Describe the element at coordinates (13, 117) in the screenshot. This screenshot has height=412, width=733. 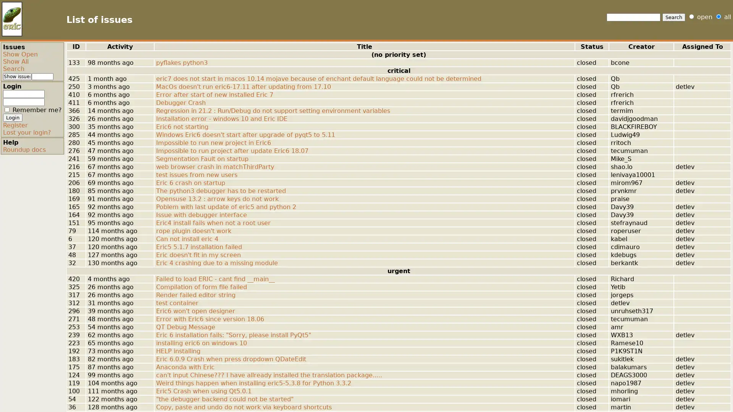
I see `Login` at that location.